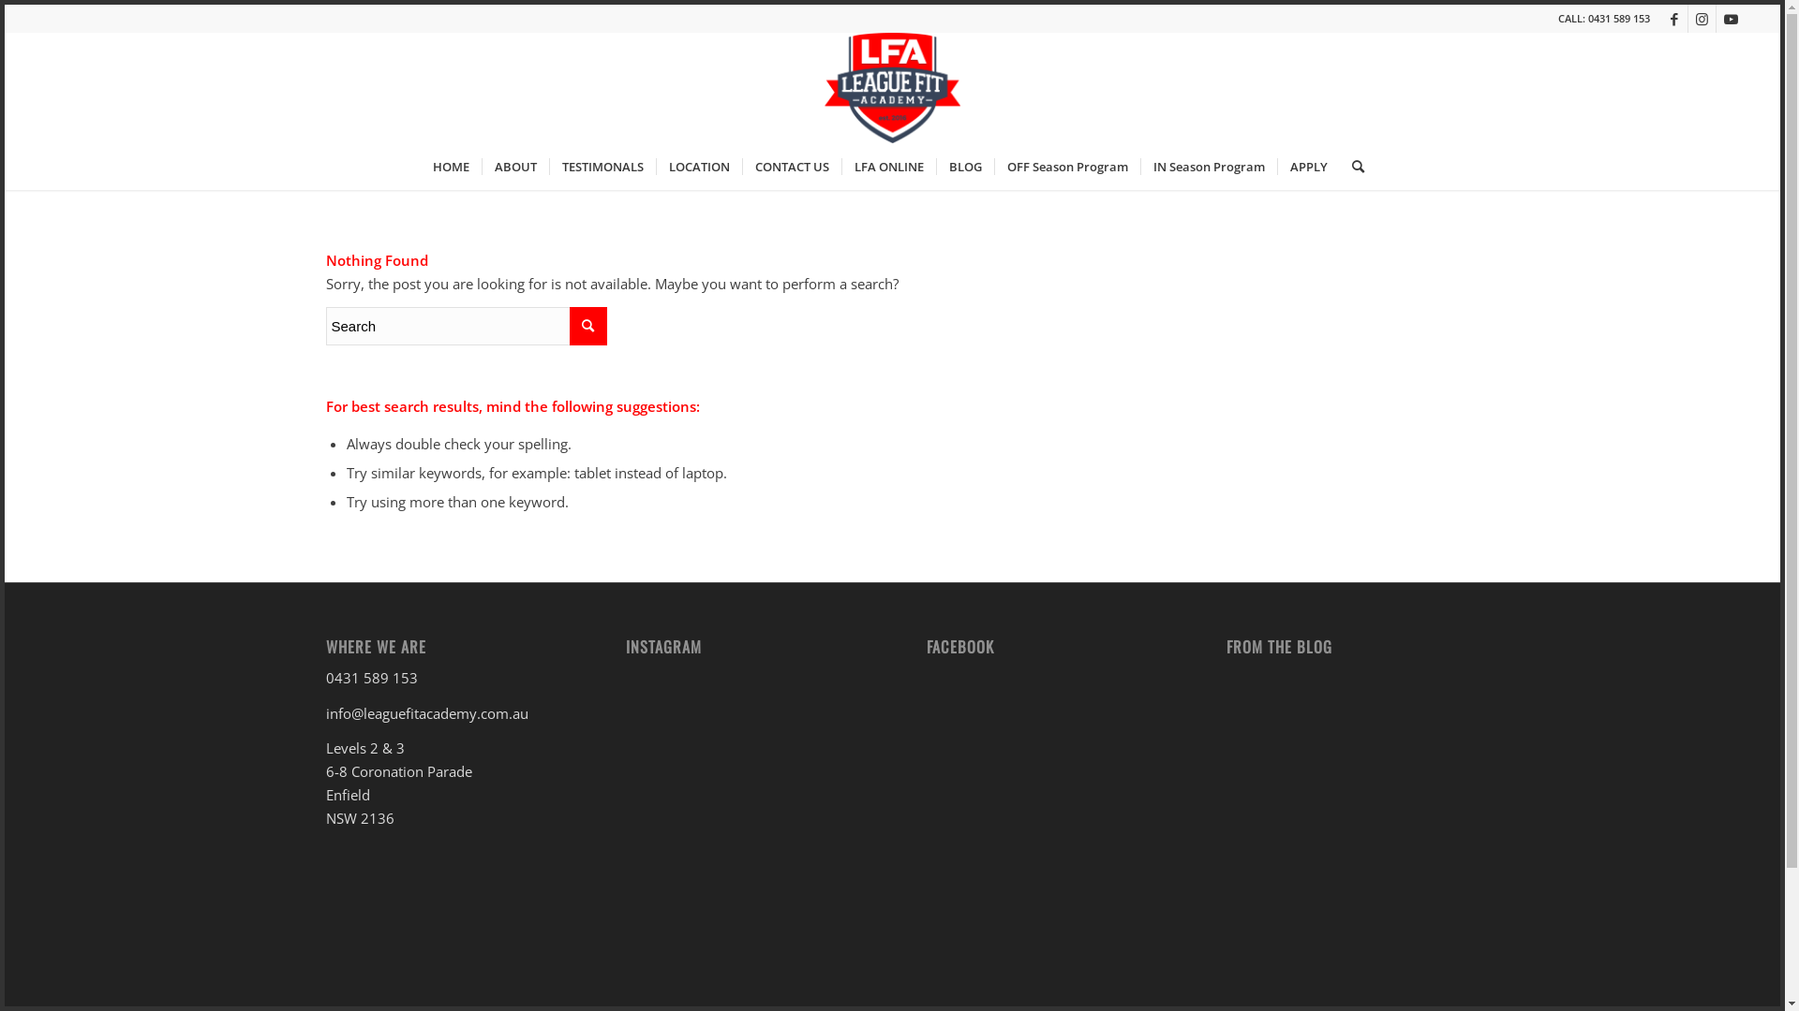 This screenshot has width=1799, height=1011. Describe the element at coordinates (1307, 165) in the screenshot. I see `'APPLY'` at that location.